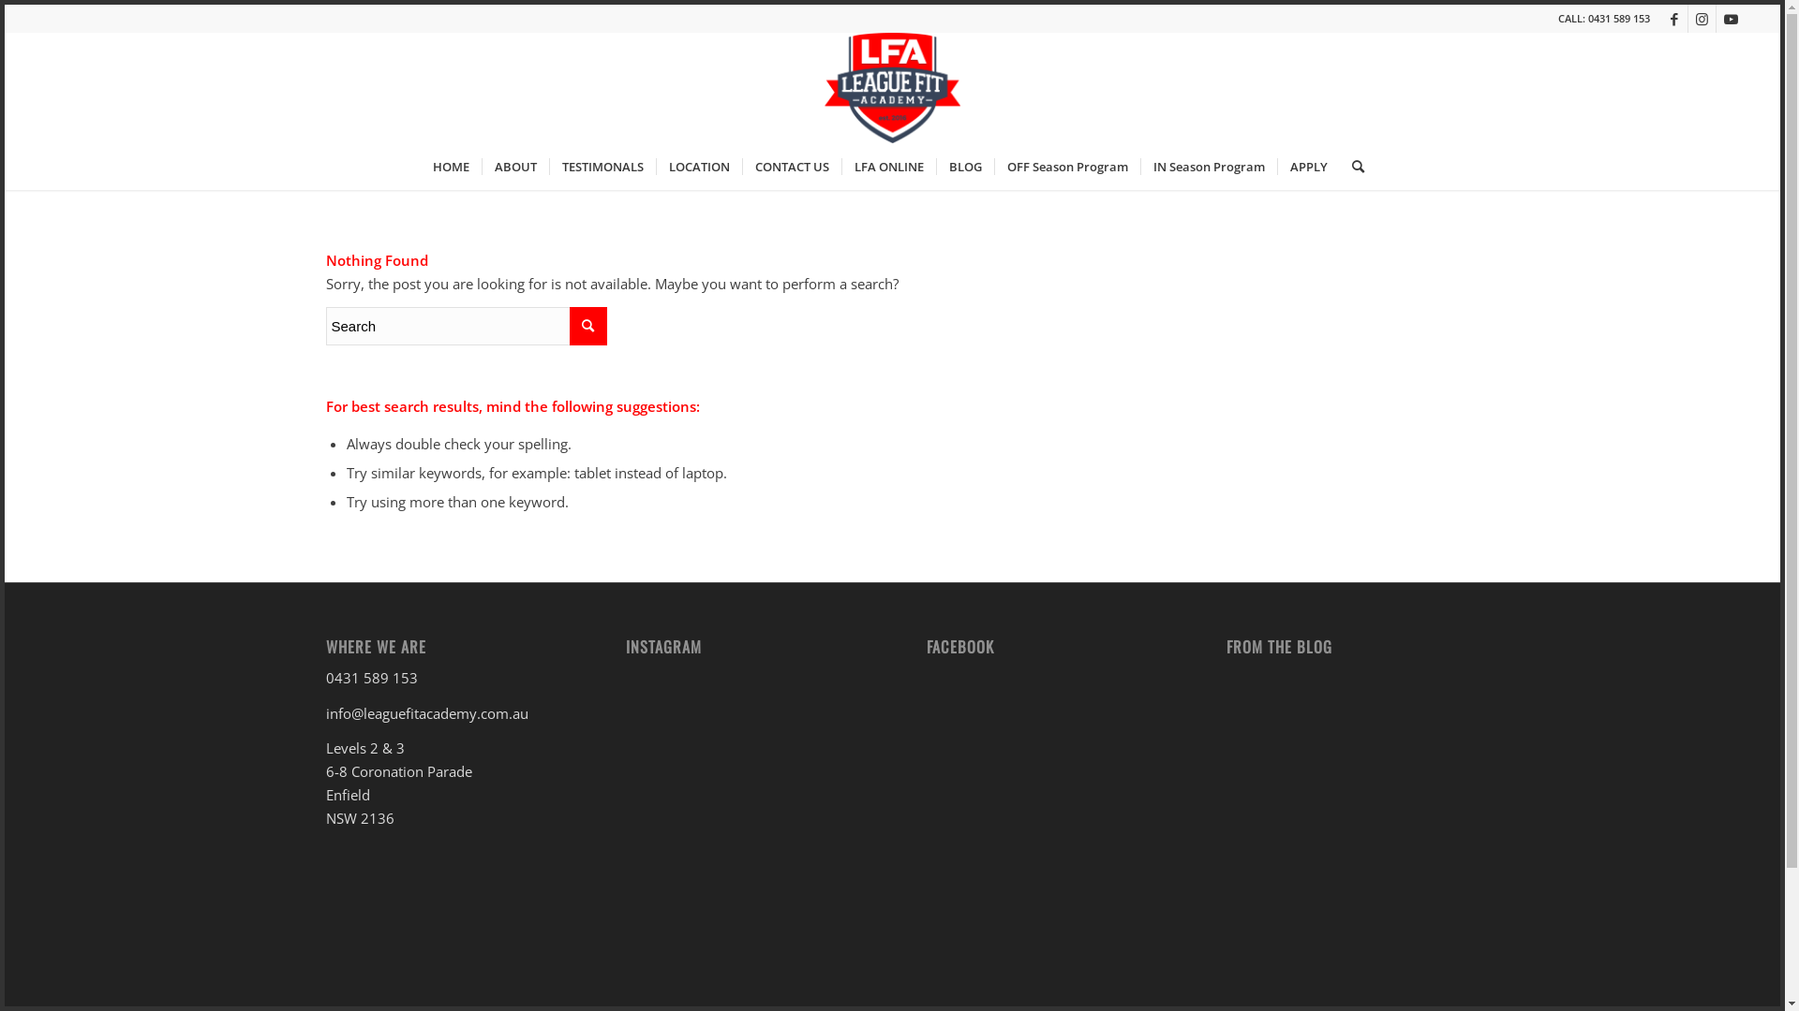 This screenshot has width=1799, height=1011. Describe the element at coordinates (1307, 165) in the screenshot. I see `'APPLY'` at that location.